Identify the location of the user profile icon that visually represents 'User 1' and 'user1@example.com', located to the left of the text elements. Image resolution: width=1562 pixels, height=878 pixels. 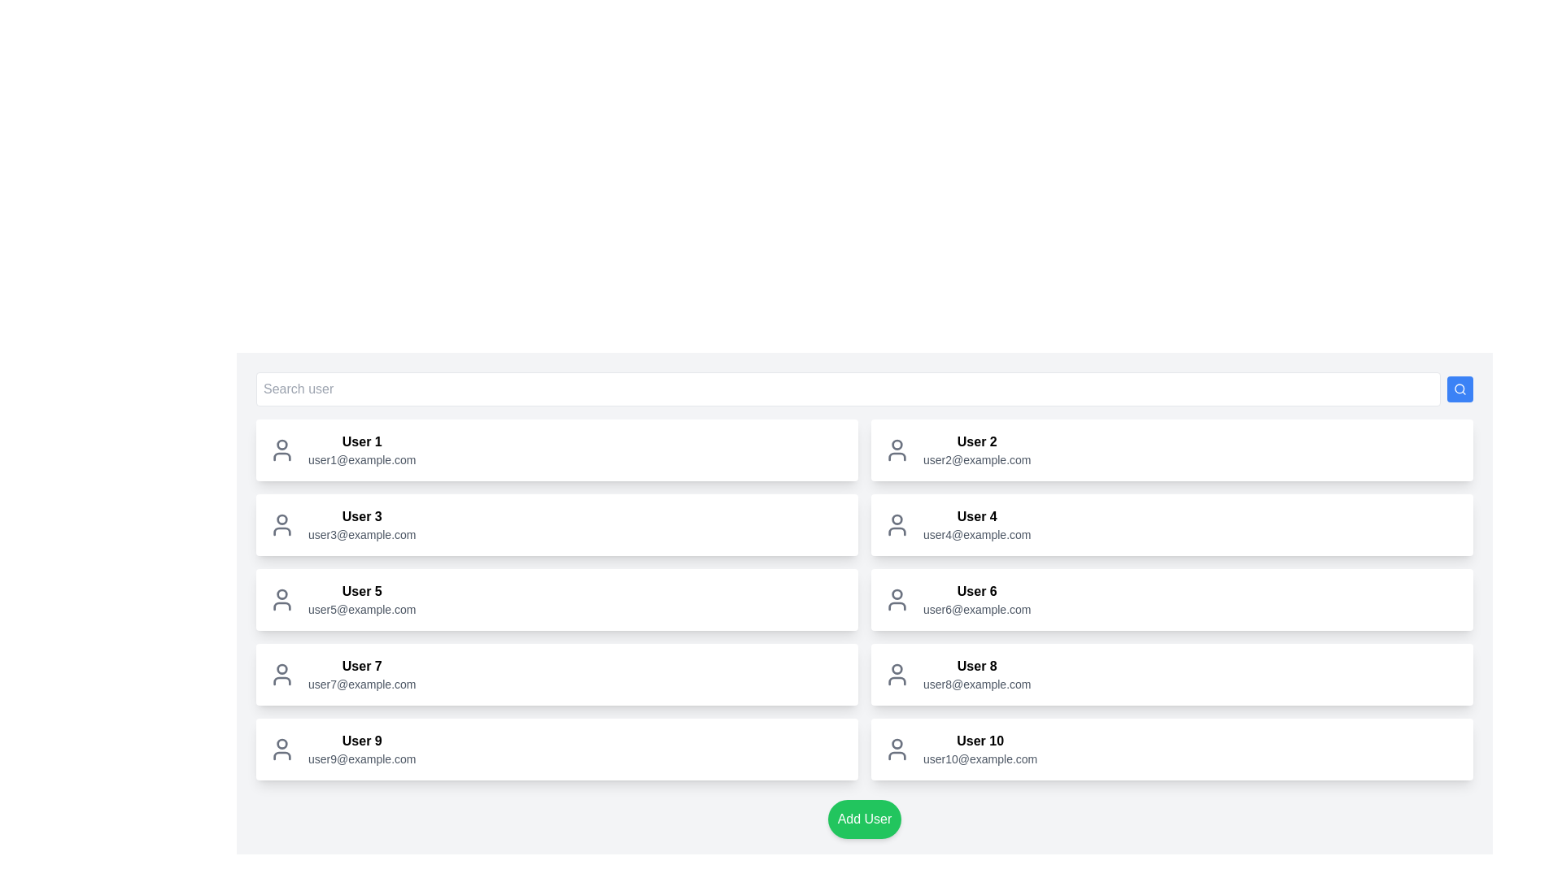
(281, 450).